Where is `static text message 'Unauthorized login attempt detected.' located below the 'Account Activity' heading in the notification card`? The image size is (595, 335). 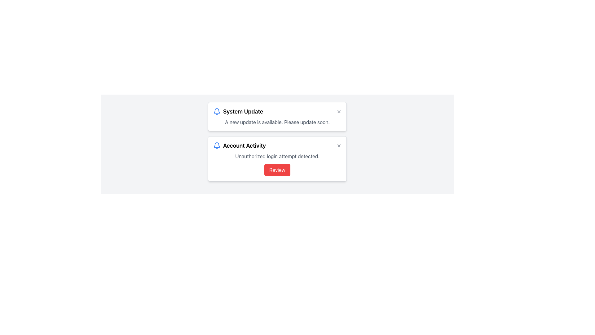
static text message 'Unauthorized login attempt detected.' located below the 'Account Activity' heading in the notification card is located at coordinates (277, 156).